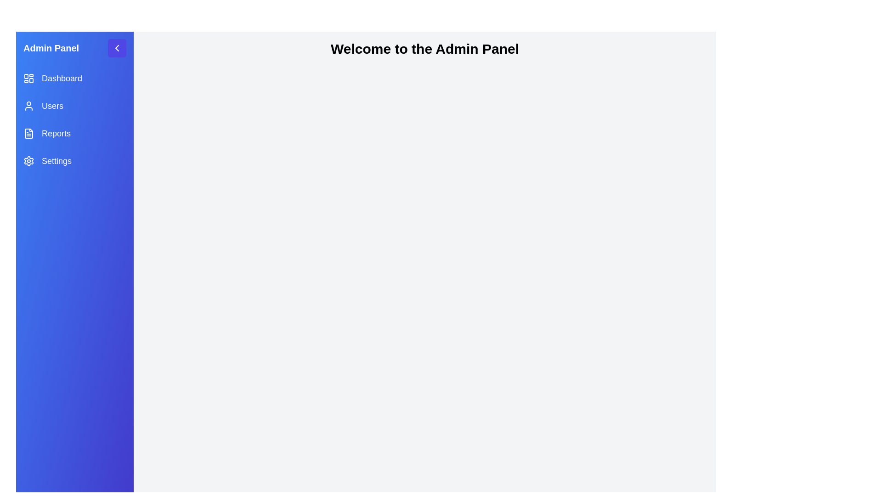  What do you see at coordinates (28, 133) in the screenshot?
I see `the 'Reports' menu icon located in the vertical sidebar of the admin panel` at bounding box center [28, 133].